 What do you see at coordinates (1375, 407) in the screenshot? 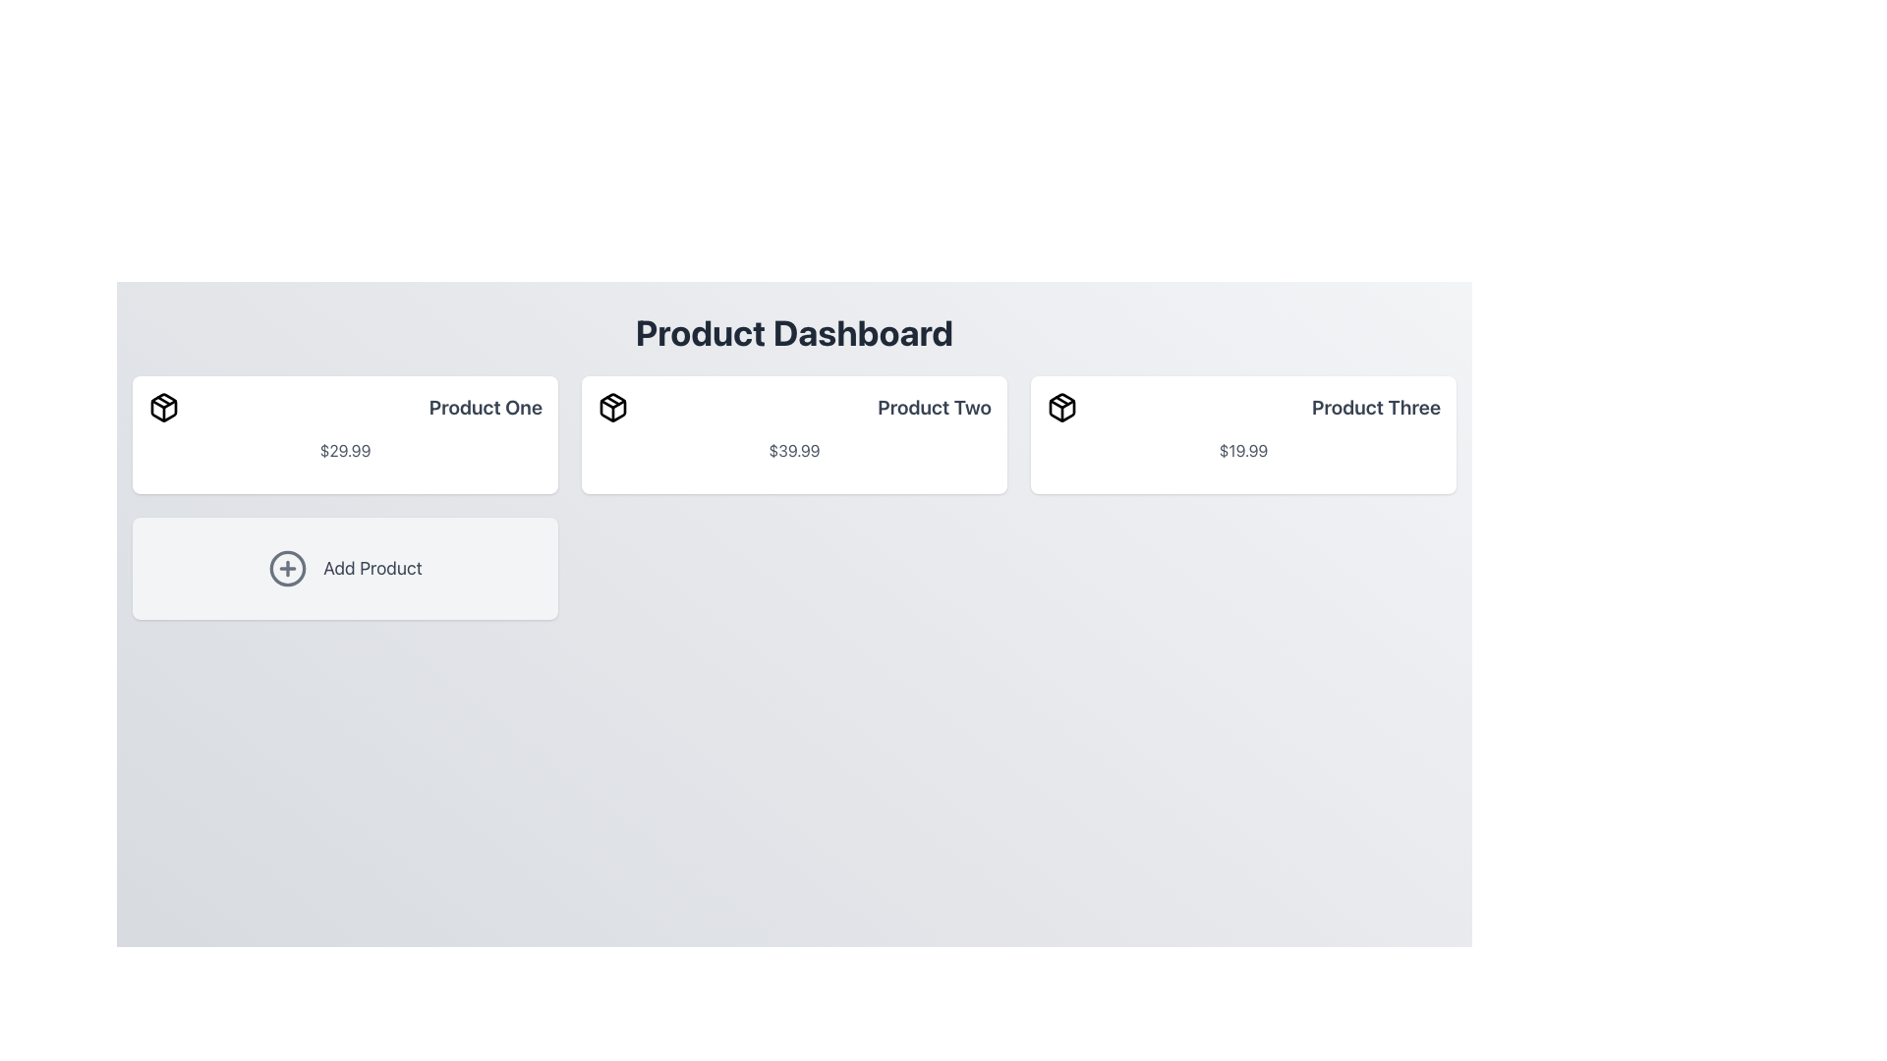
I see `the text label displaying 'Product Three', which is styled in bold and located in the upper-right segment of the product information box` at bounding box center [1375, 407].